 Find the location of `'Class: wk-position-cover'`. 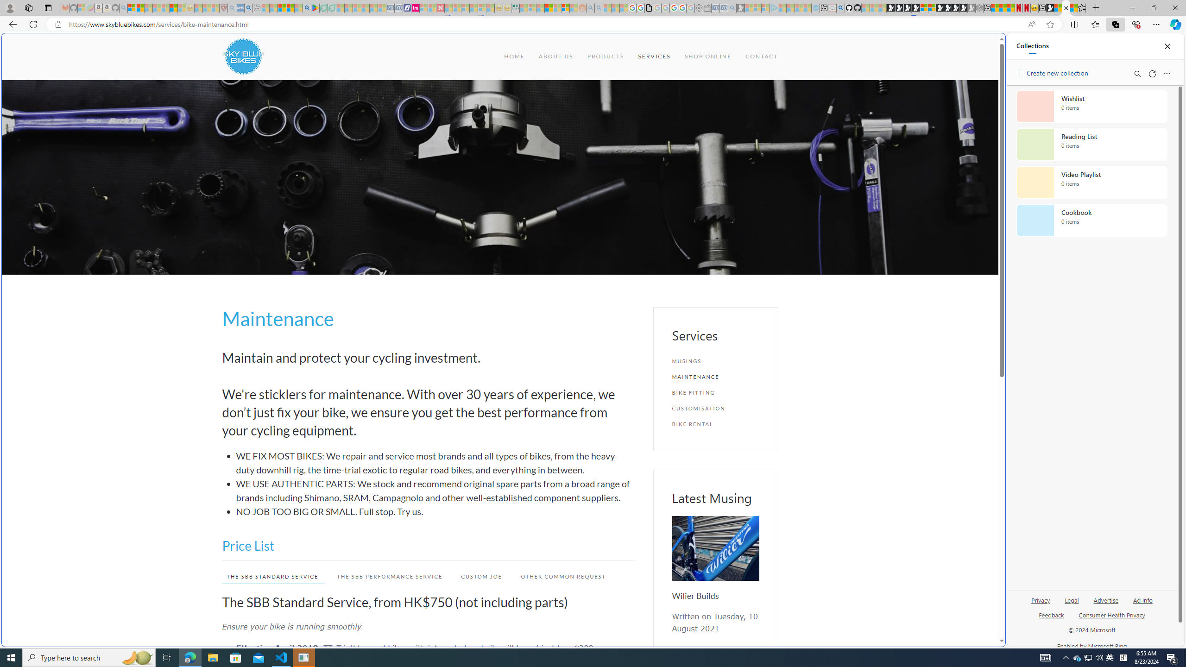

'Class: wk-position-cover' is located at coordinates (714, 548).